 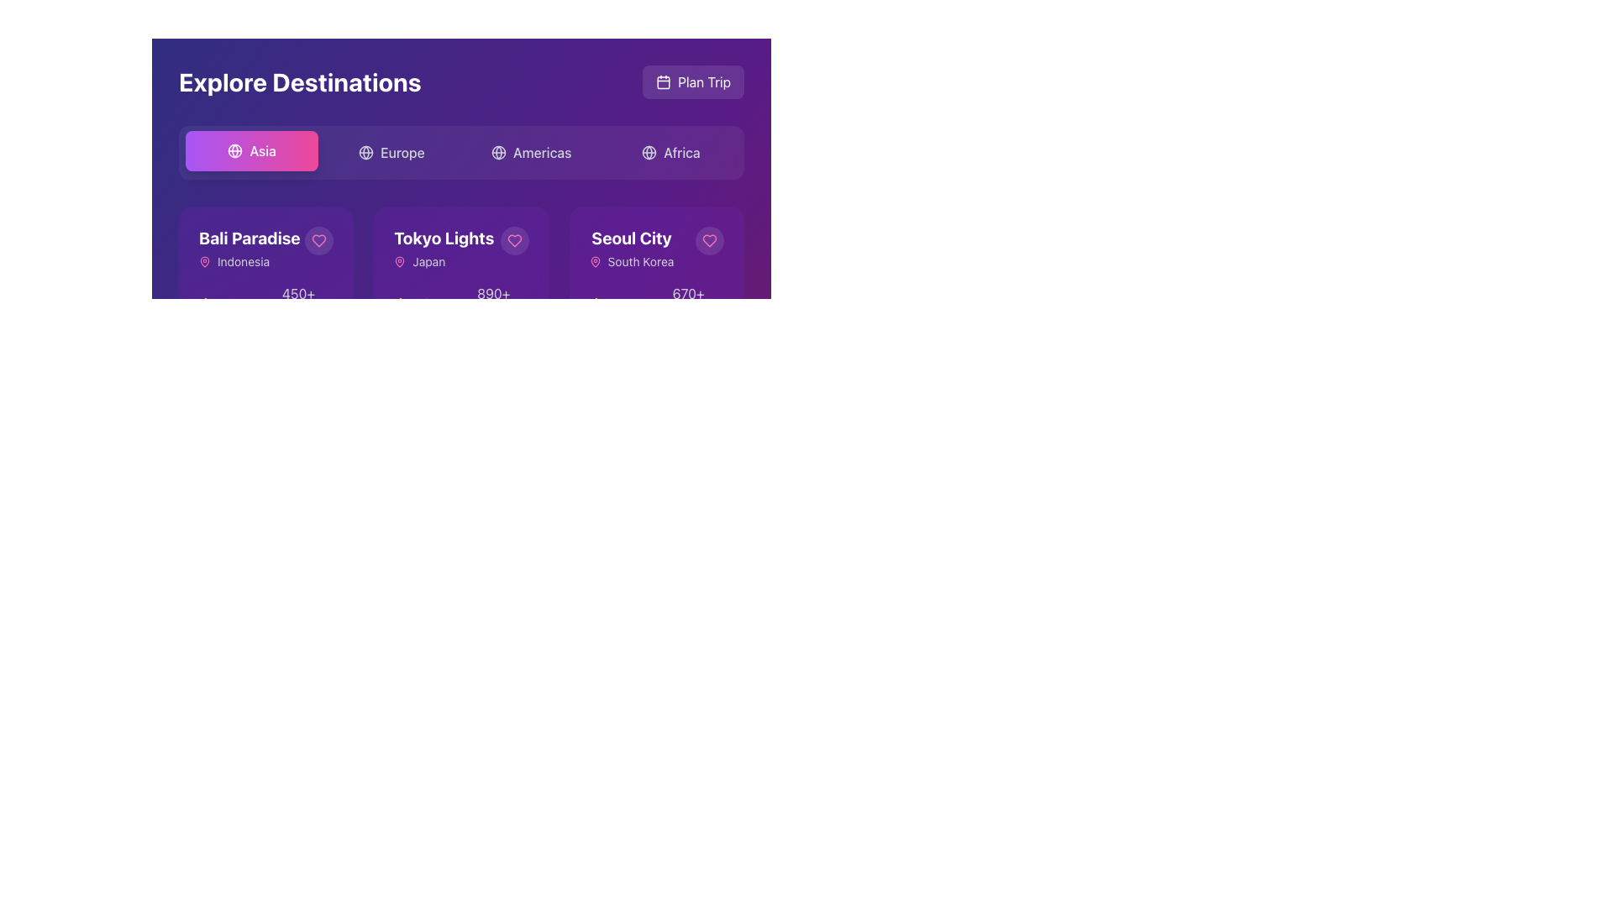 I want to click on the heart icon within the button on the 'Tokyo Lights' card to mark it as a favorite, so click(x=513, y=240).